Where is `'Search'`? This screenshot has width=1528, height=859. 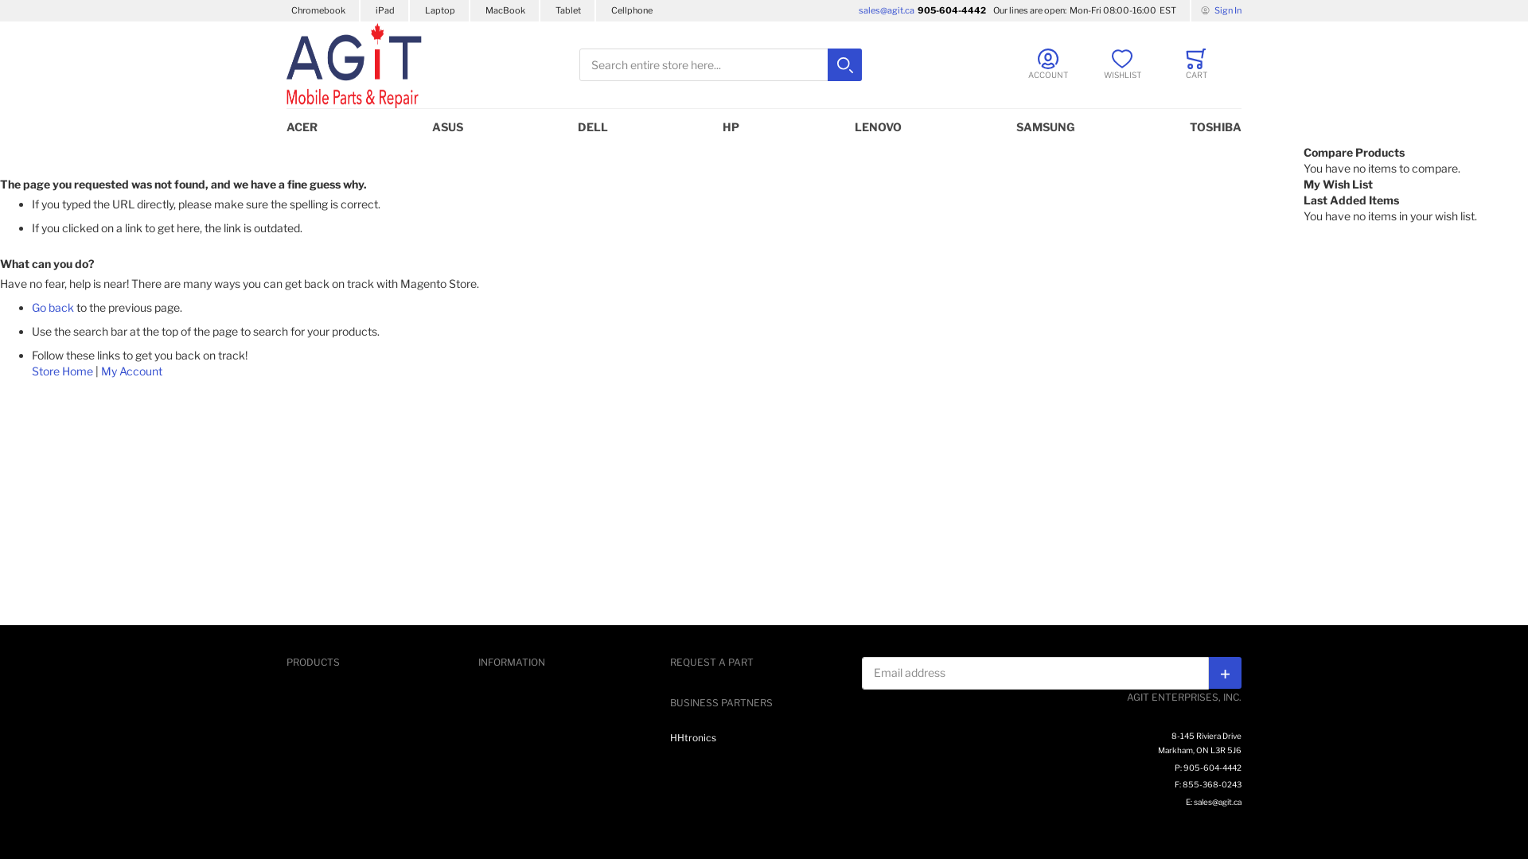
'Search' is located at coordinates (847, 64).